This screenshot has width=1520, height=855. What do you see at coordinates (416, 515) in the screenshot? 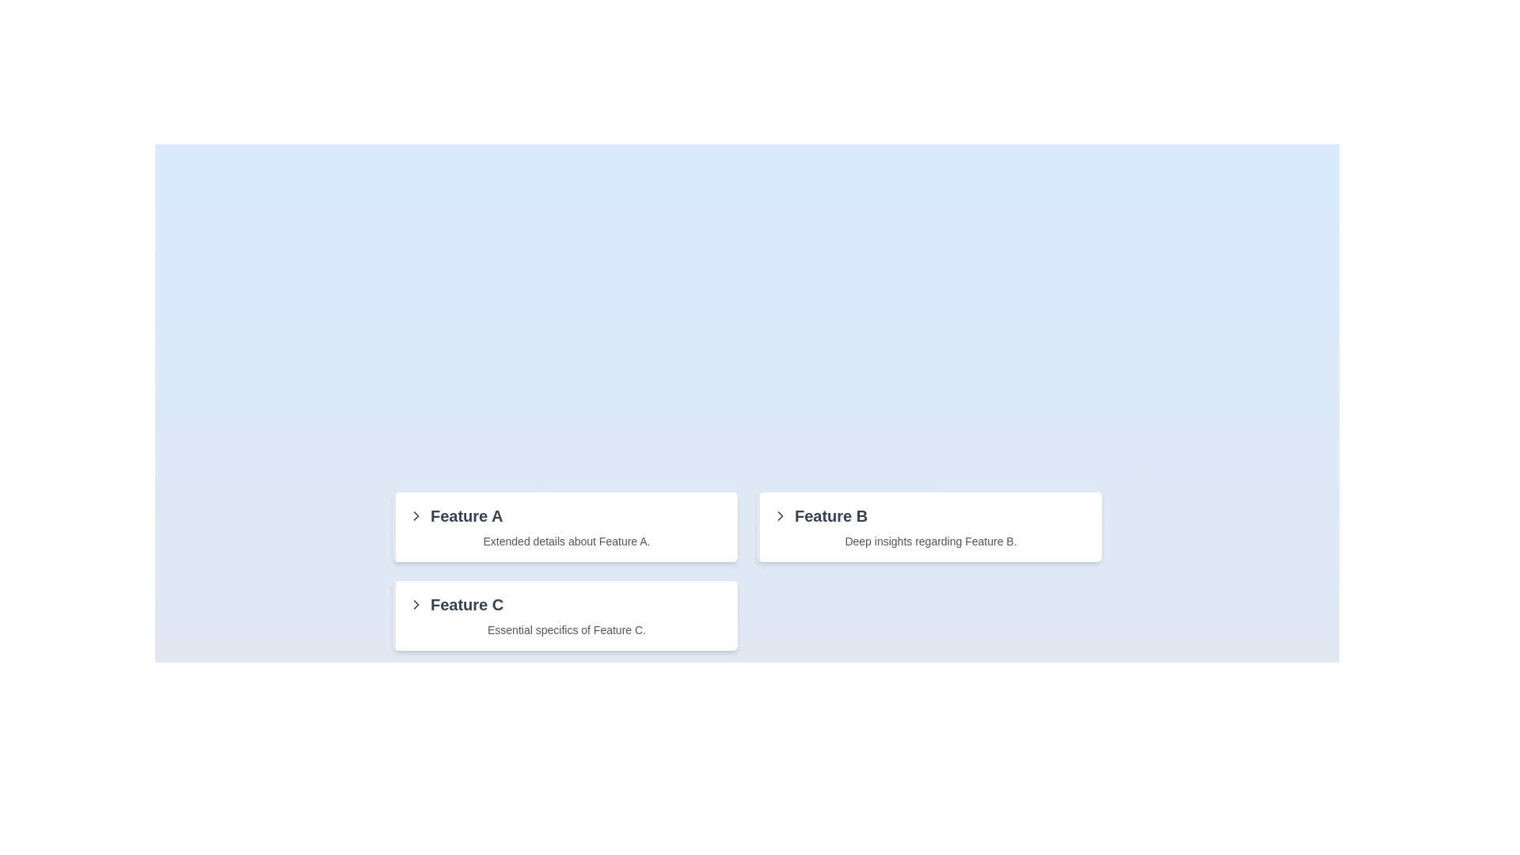
I see `the right-pointing chevron icon associated with 'Feature C' located in the bottom row of the feature blocks` at bounding box center [416, 515].